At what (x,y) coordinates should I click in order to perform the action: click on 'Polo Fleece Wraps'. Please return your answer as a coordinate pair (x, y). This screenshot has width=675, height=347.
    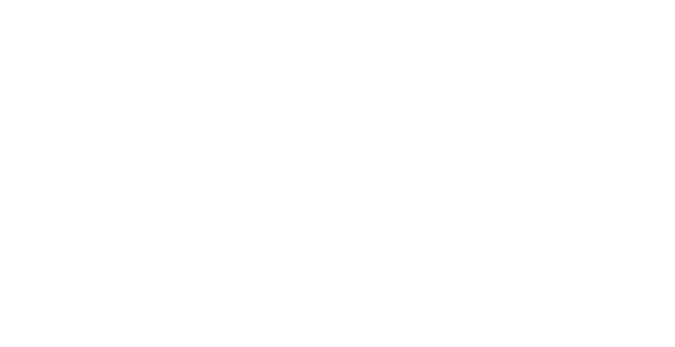
    Looking at the image, I should click on (111, 136).